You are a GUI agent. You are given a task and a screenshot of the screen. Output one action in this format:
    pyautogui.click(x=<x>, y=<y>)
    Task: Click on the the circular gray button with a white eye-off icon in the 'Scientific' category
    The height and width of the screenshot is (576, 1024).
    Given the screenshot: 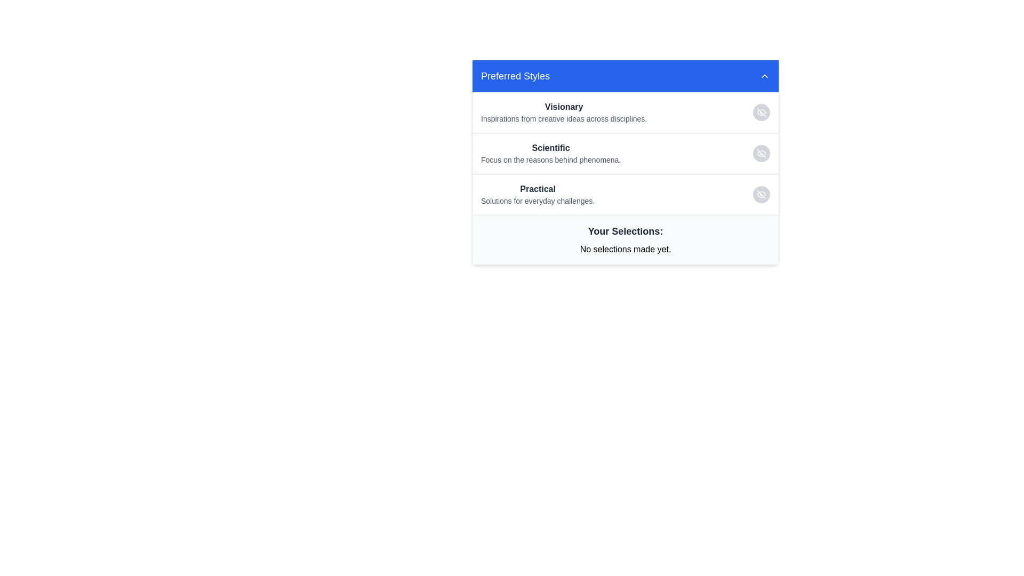 What is the action you would take?
    pyautogui.click(x=761, y=154)
    